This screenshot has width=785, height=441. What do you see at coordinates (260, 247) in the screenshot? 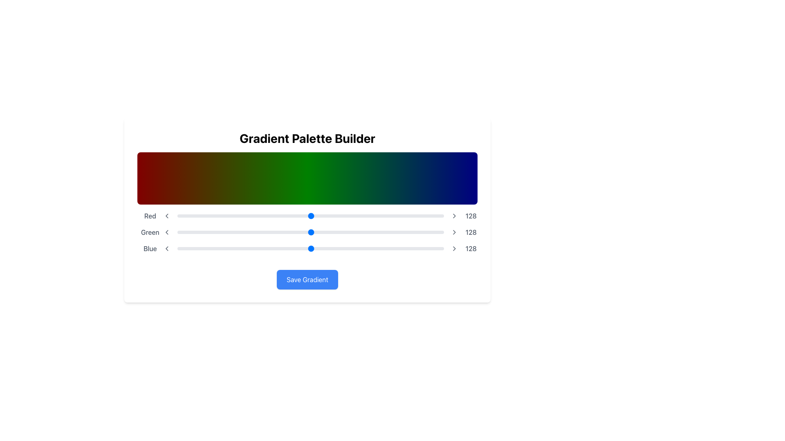
I see `the blue color intensity` at bounding box center [260, 247].